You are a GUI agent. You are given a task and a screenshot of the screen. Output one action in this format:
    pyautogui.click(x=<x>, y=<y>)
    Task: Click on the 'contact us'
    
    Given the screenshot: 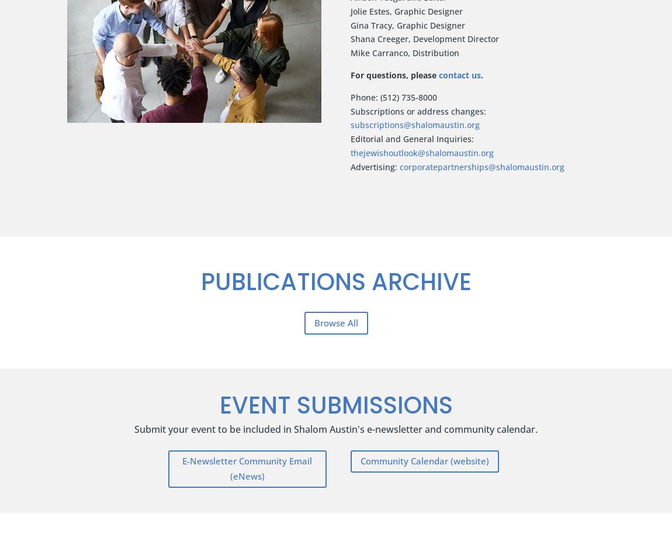 What is the action you would take?
    pyautogui.click(x=459, y=74)
    